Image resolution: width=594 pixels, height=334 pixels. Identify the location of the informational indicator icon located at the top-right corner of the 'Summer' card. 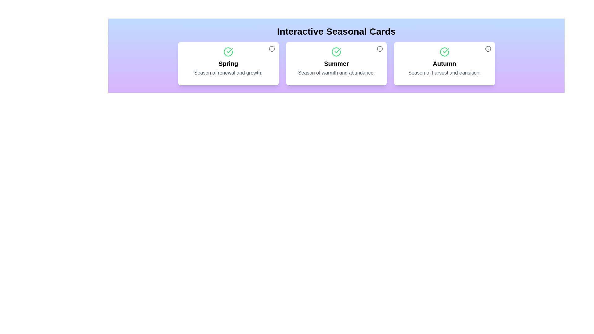
(380, 49).